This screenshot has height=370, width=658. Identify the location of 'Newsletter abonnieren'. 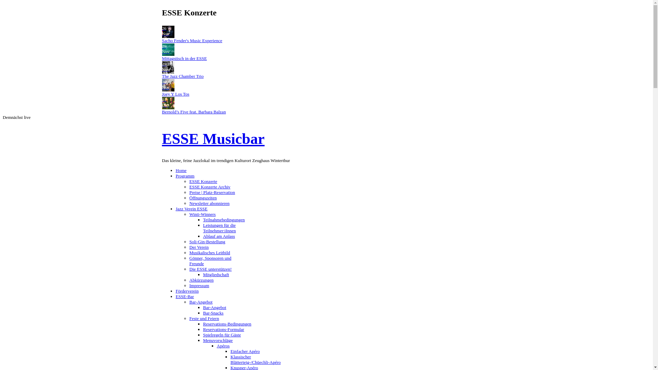
(209, 203).